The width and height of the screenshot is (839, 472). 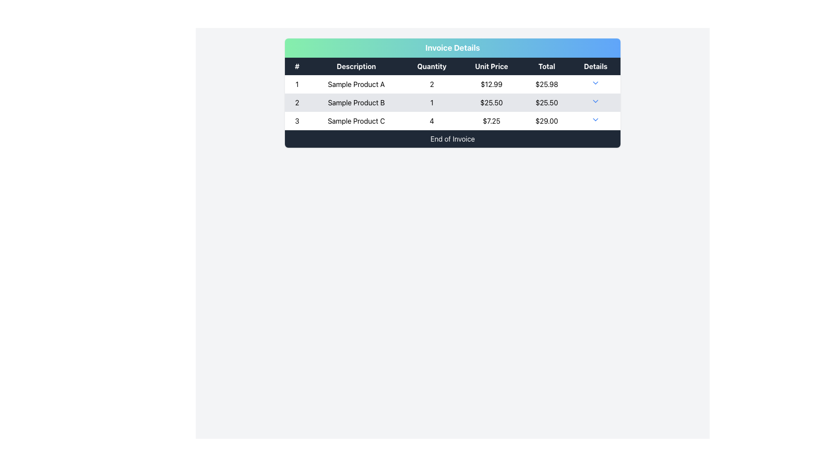 What do you see at coordinates (356, 121) in the screenshot?
I see `the table cell containing the text 'Sample Product C' in the 'Description' column of the third row` at bounding box center [356, 121].